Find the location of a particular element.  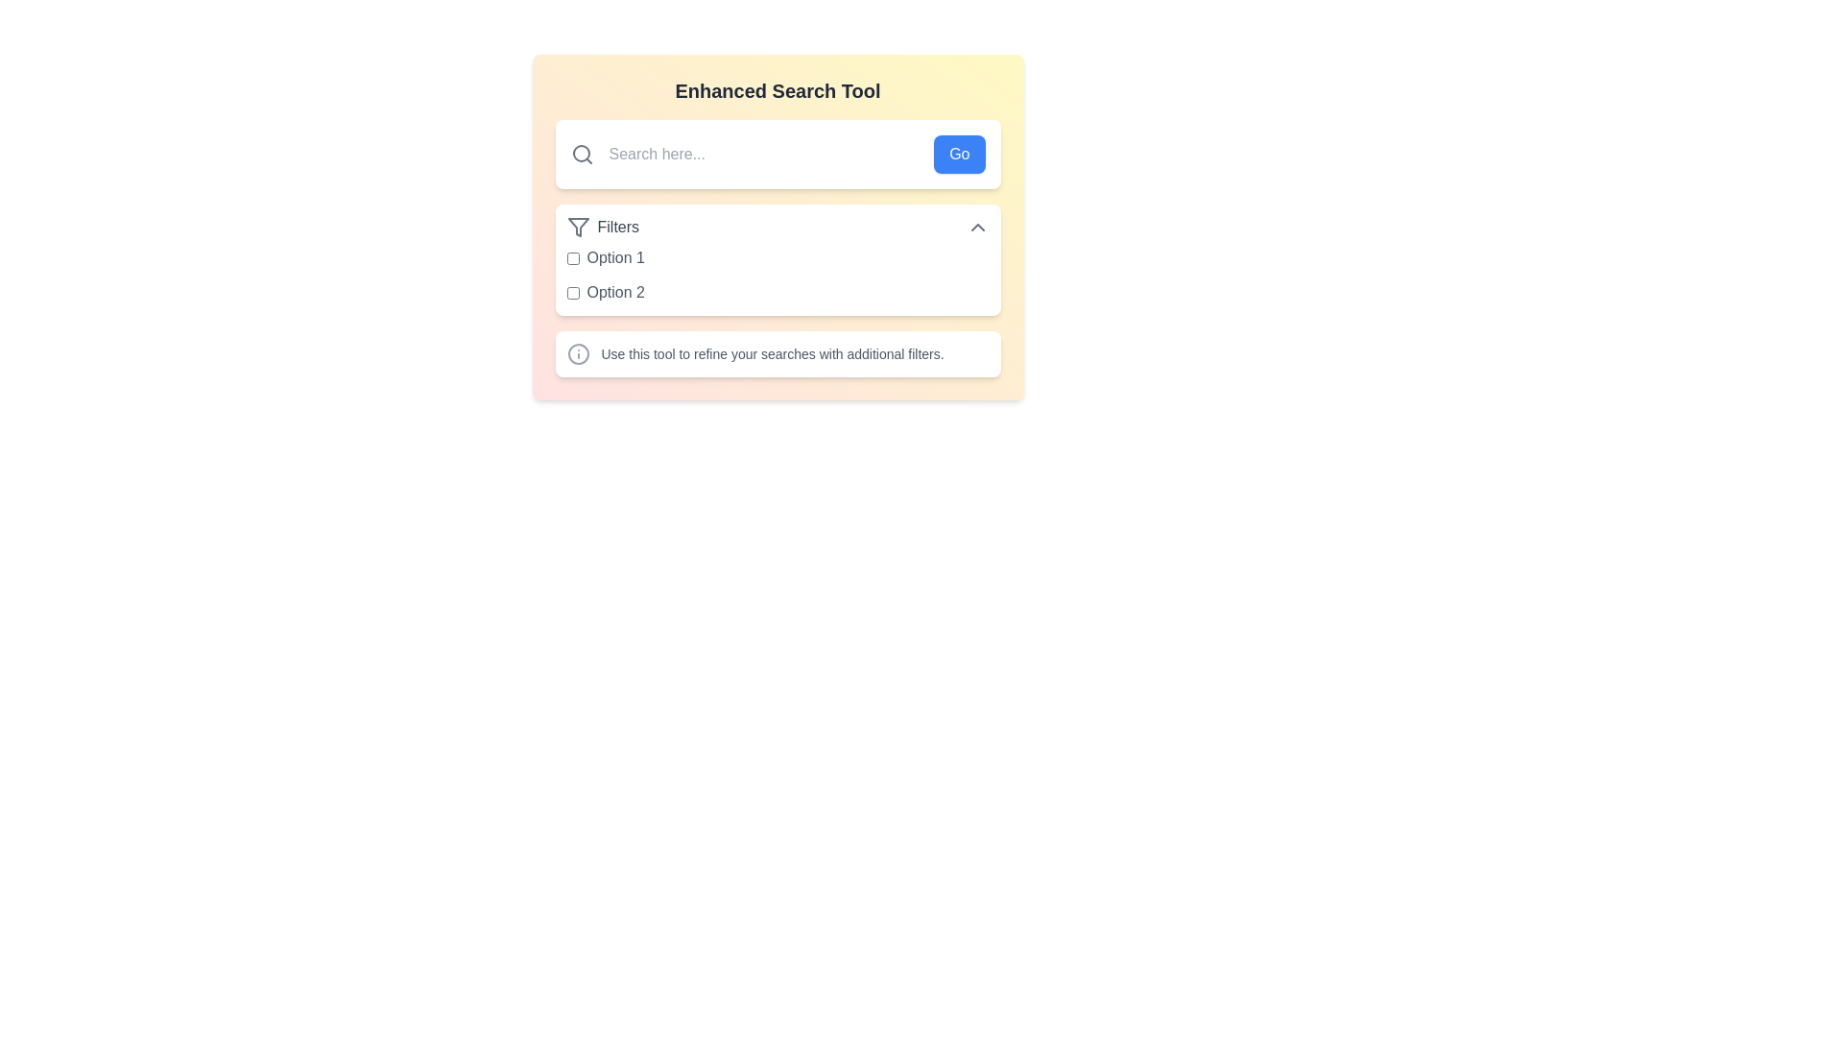

the funnel icon located at the top-left corner of the 'Filters' label for additional details is located at coordinates (577, 226).